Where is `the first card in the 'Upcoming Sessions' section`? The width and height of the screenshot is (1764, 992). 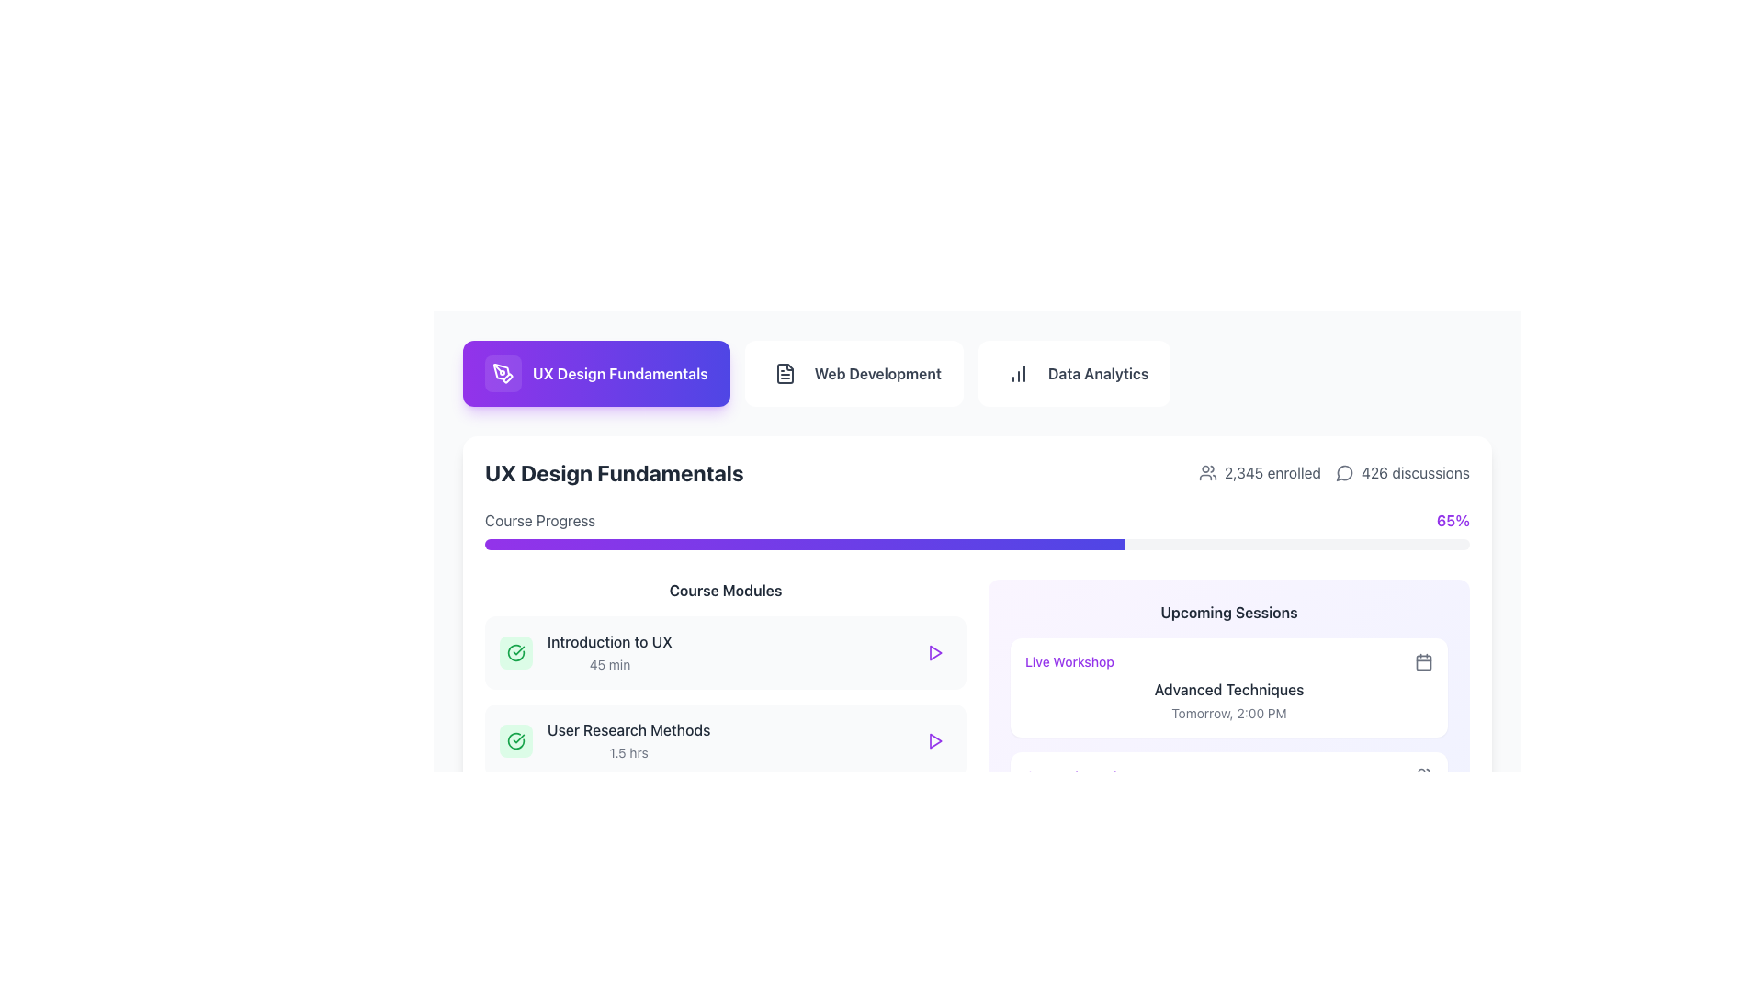
the first card in the 'Upcoming Sessions' section is located at coordinates (1229, 687).